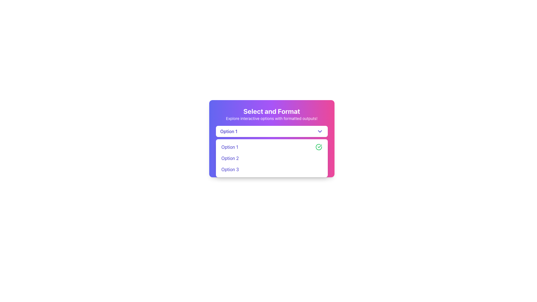  Describe the element at coordinates (319, 147) in the screenshot. I see `the SVG Icon indicating that 'Option 1' is selected in the dropdown menu, which is positioned to the right of the 'Option 1' label` at that location.